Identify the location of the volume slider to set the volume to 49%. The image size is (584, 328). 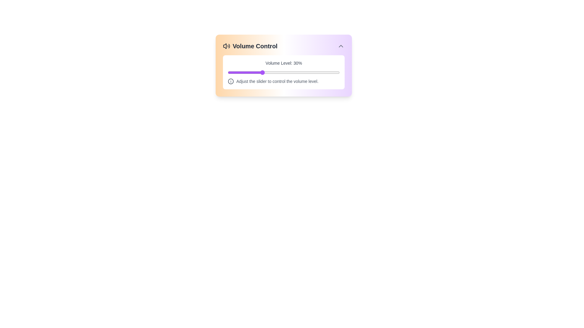
(282, 72).